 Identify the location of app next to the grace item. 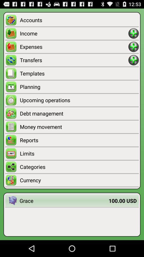
(13, 200).